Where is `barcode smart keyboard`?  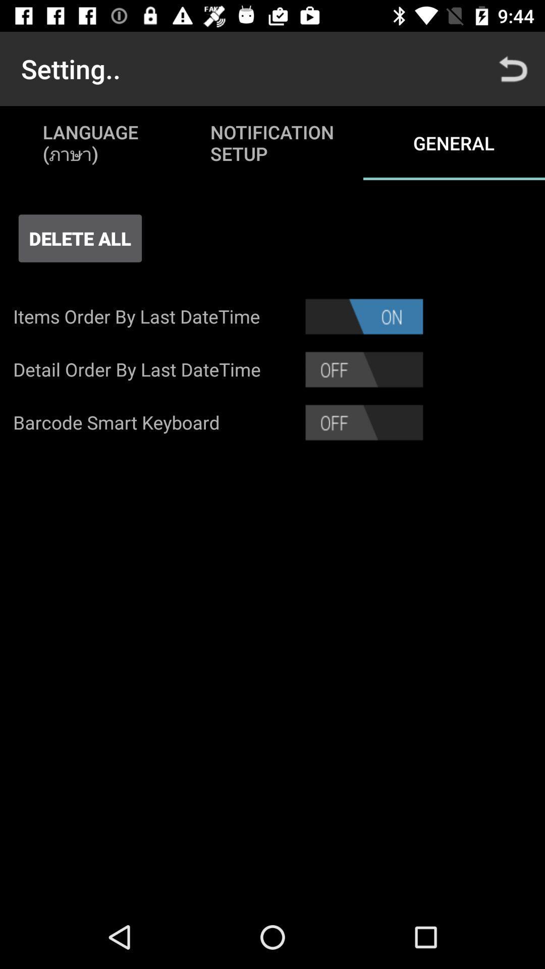
barcode smart keyboard is located at coordinates (364, 422).